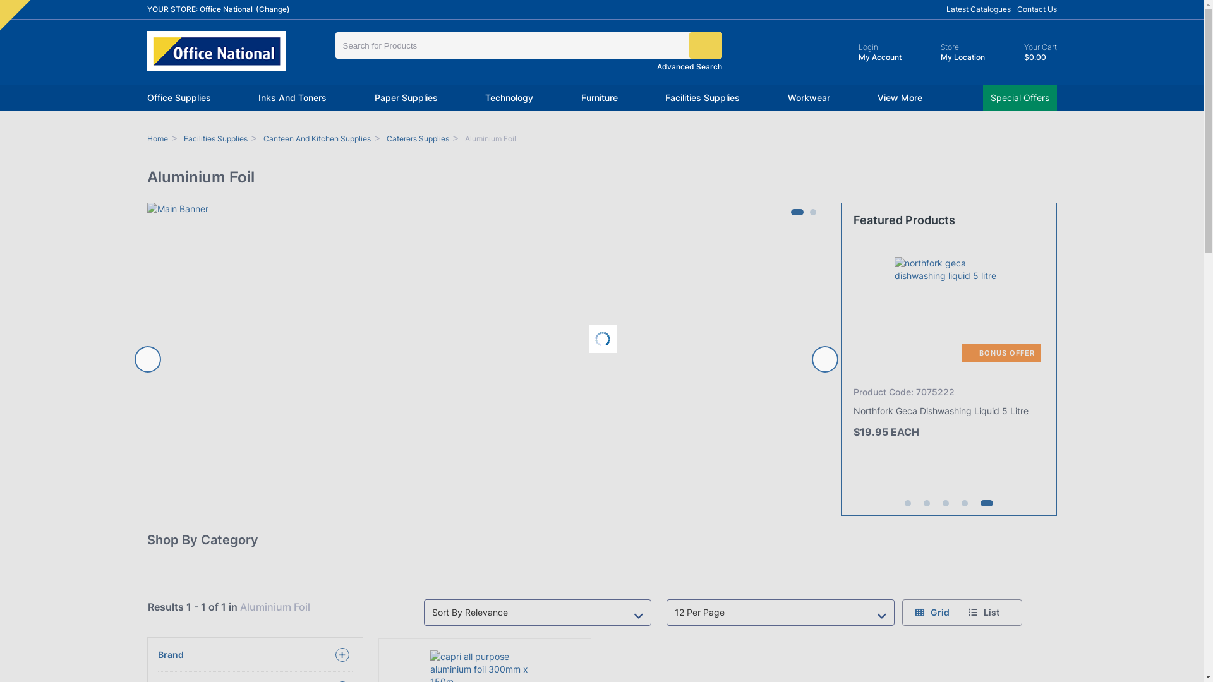  I want to click on 'Your Cart, so click(1029, 52).